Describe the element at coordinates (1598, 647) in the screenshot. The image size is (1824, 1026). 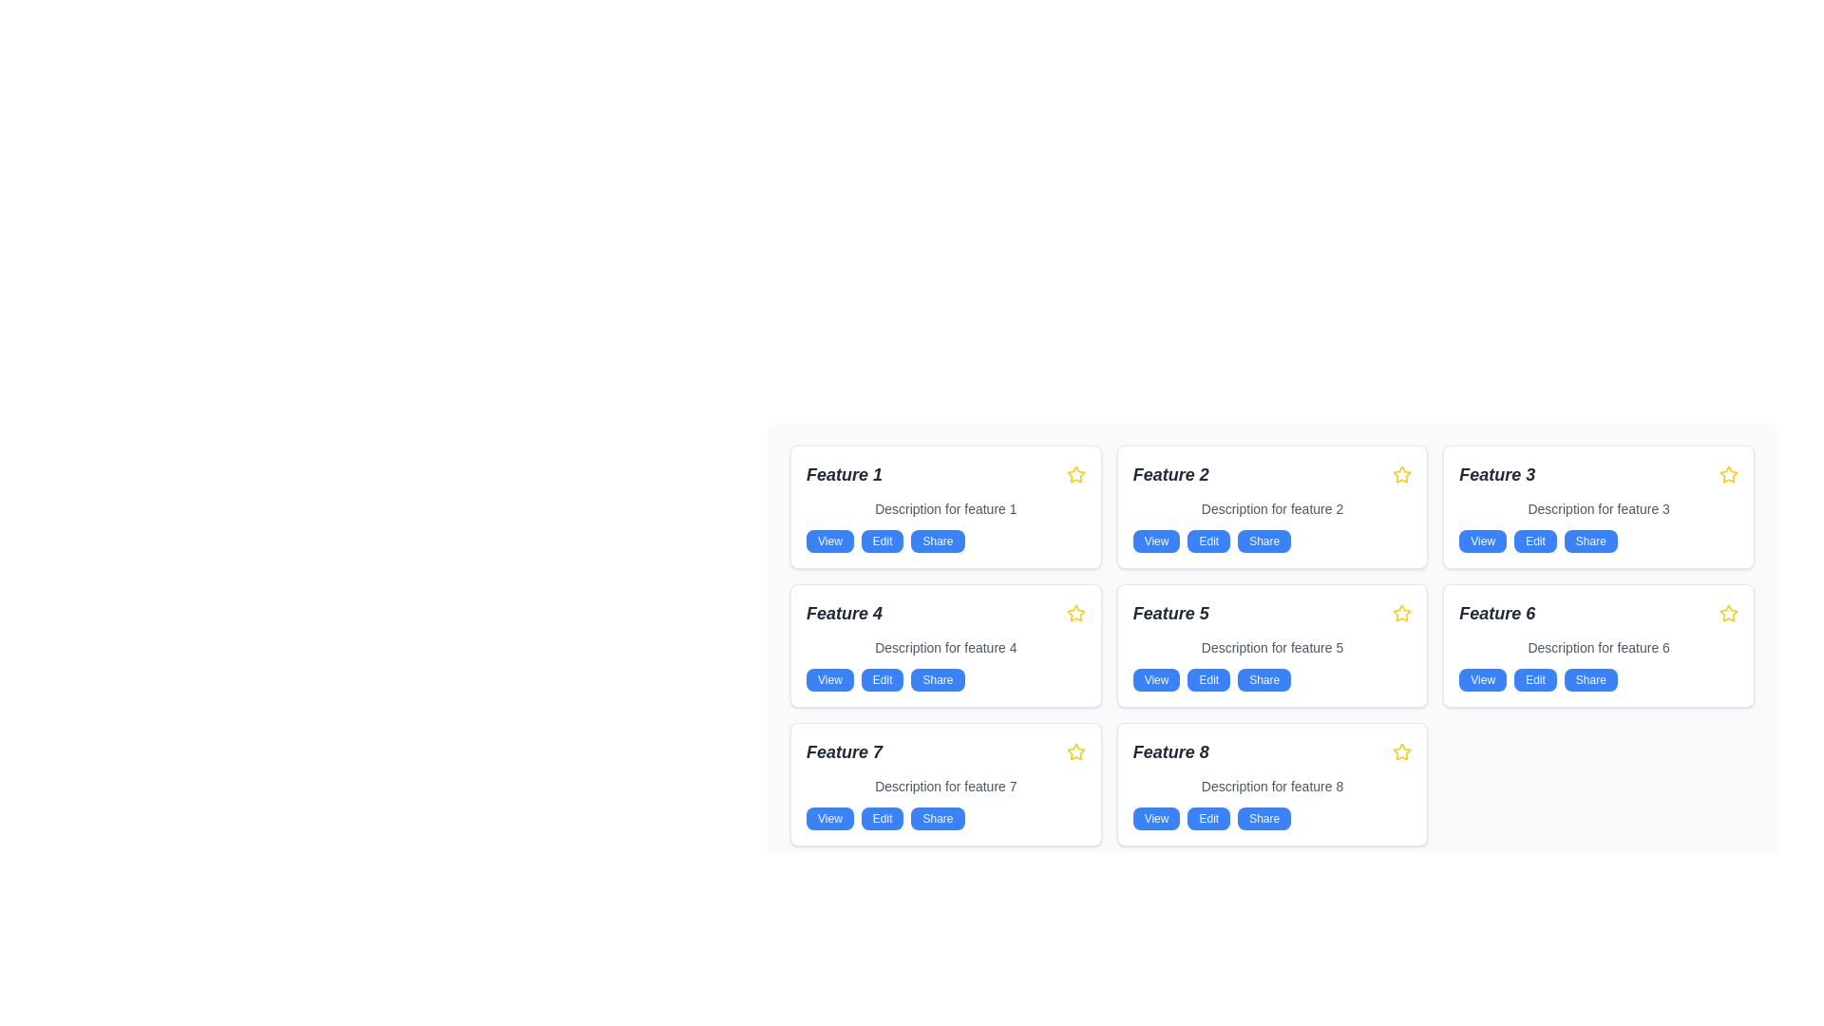
I see `the text element displaying 'Description for feature 6', which is located beneath the heading 'Feature 6' and above the buttons 'View', 'Edit', and 'Share'` at that location.